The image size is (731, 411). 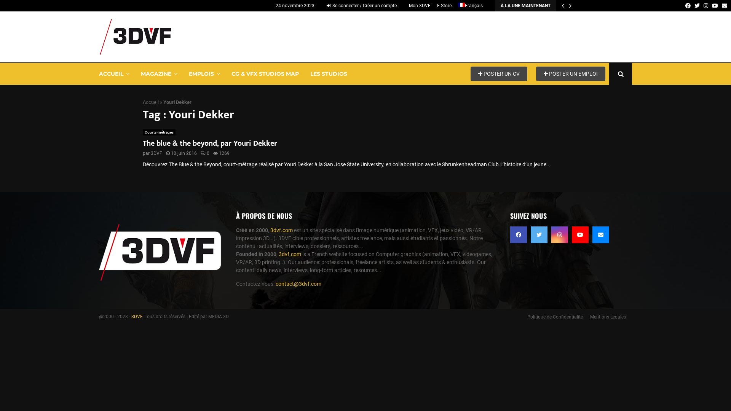 What do you see at coordinates (156, 153) in the screenshot?
I see `'3DVF'` at bounding box center [156, 153].